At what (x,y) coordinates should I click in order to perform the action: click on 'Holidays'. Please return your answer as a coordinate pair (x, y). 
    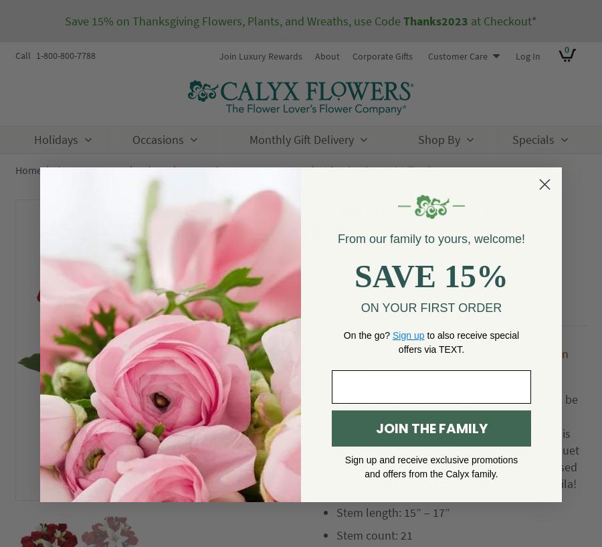
    Looking at the image, I should click on (33, 138).